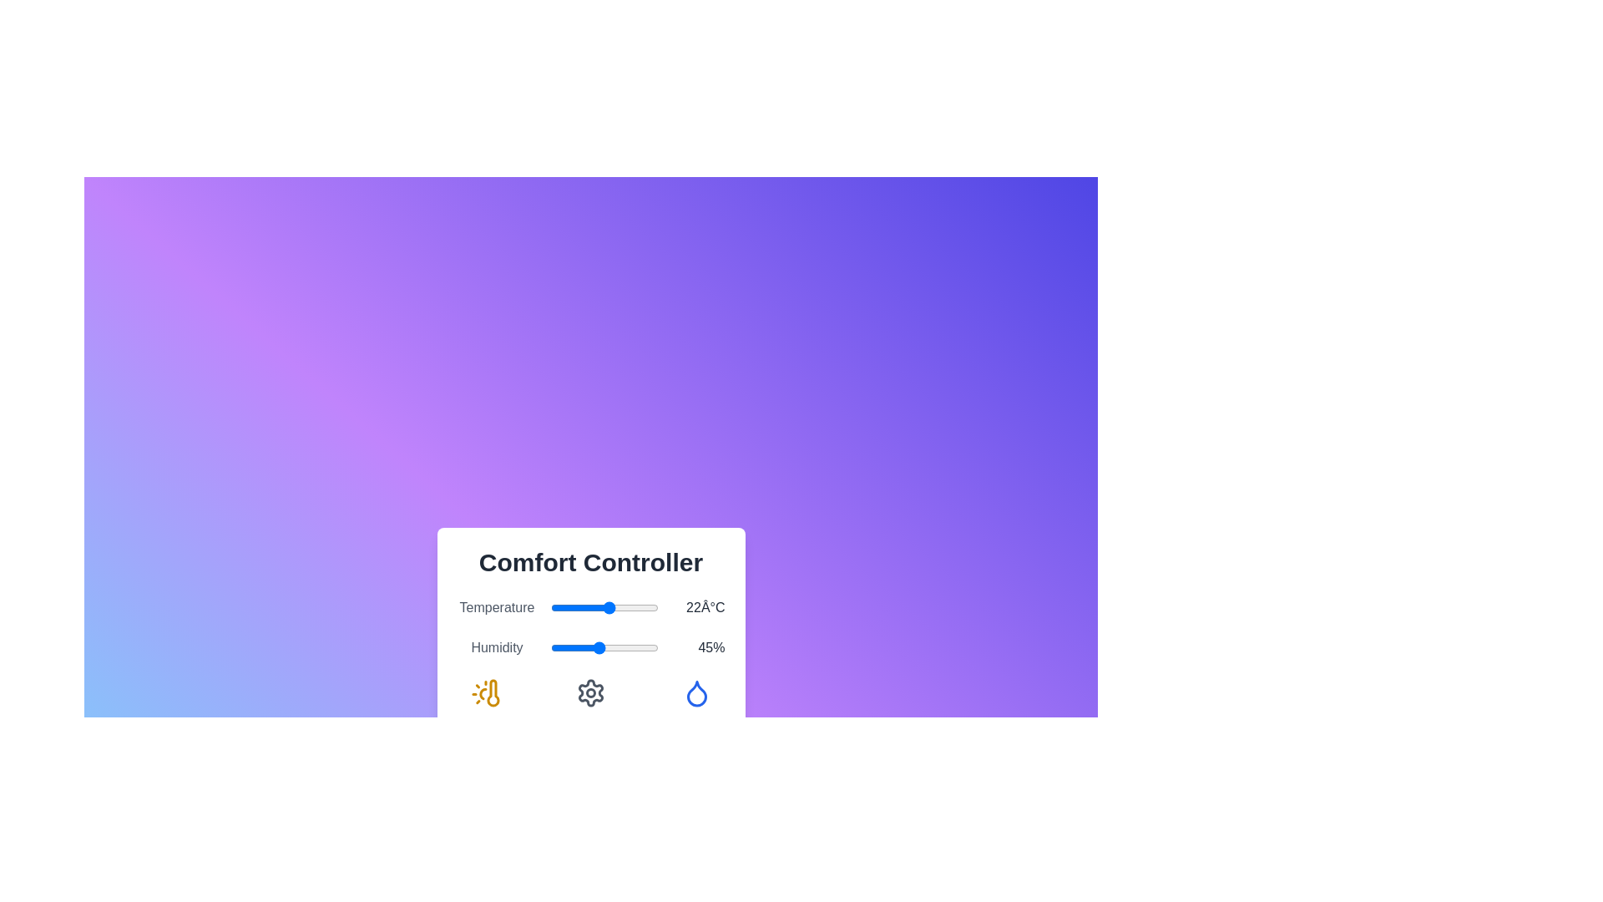 This screenshot has width=1603, height=902. What do you see at coordinates (630, 608) in the screenshot?
I see `the temperature slider to set the temperature to 30°C` at bounding box center [630, 608].